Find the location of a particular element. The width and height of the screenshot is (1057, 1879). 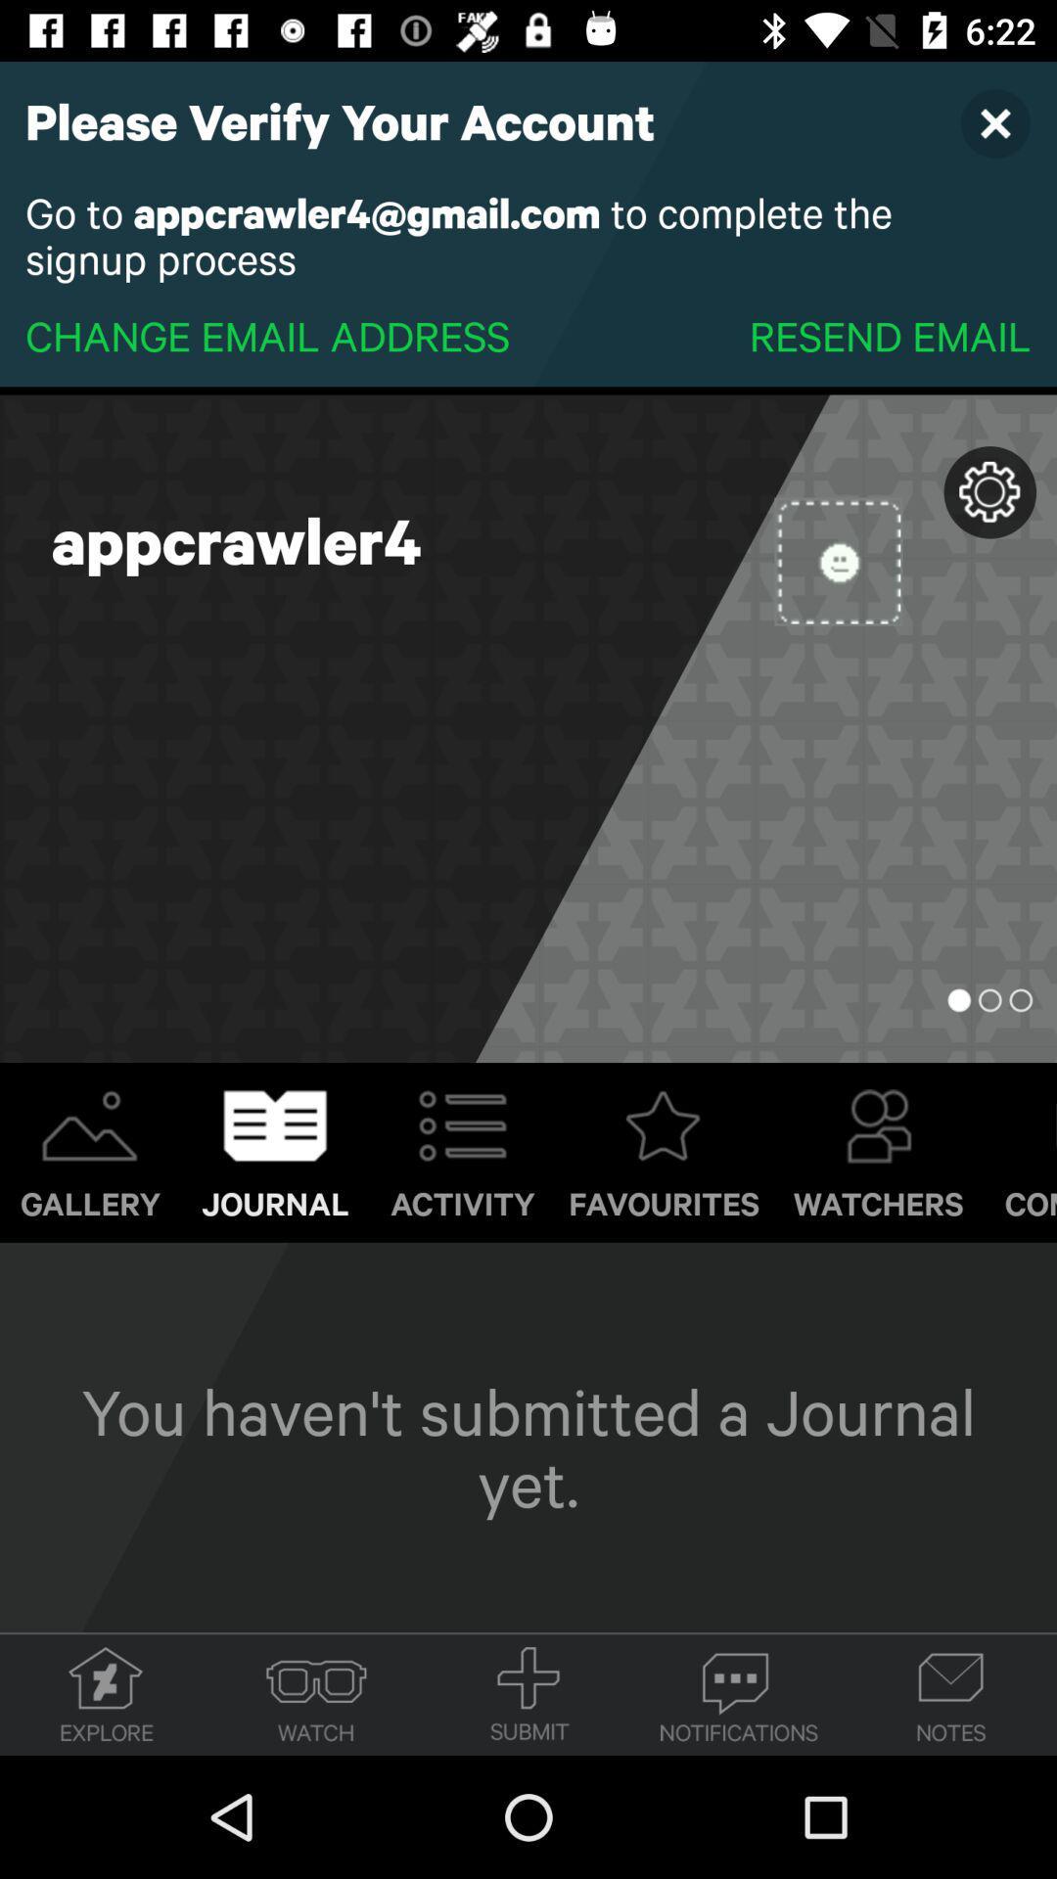

icon next to appcrawler4 icon is located at coordinates (837, 561).